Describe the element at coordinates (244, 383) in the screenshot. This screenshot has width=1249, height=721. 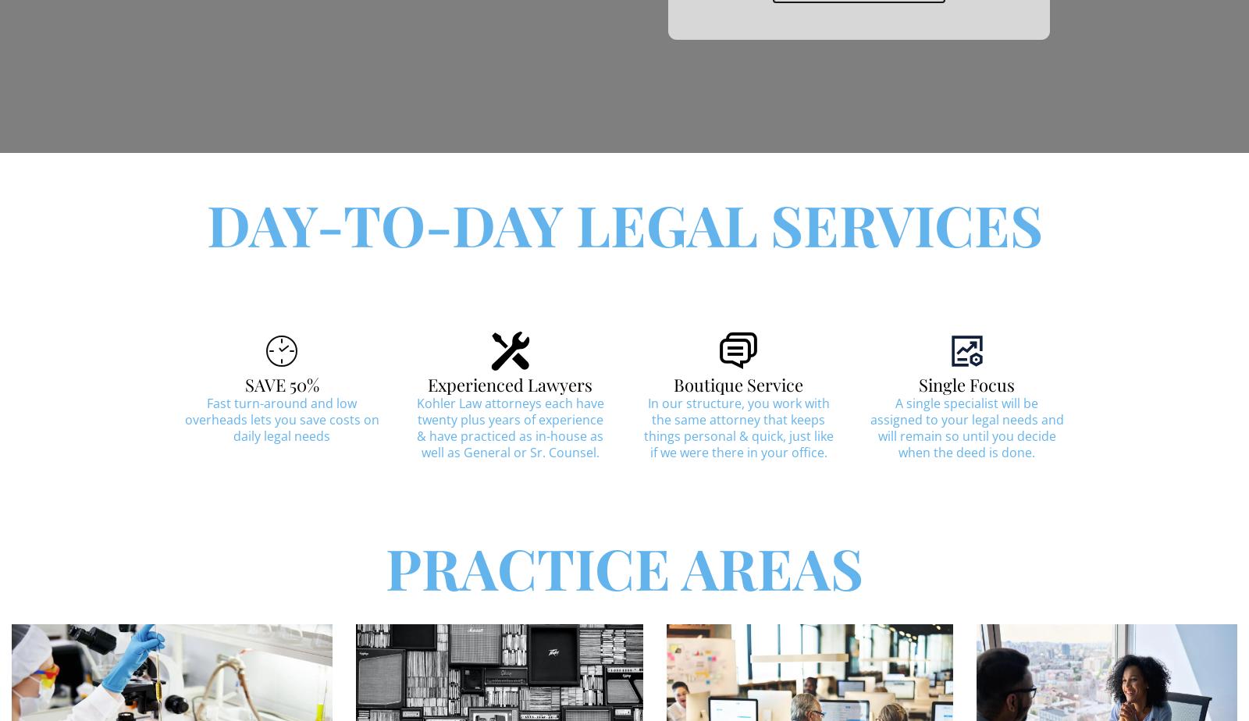
I see `'SAVE 50%'` at that location.